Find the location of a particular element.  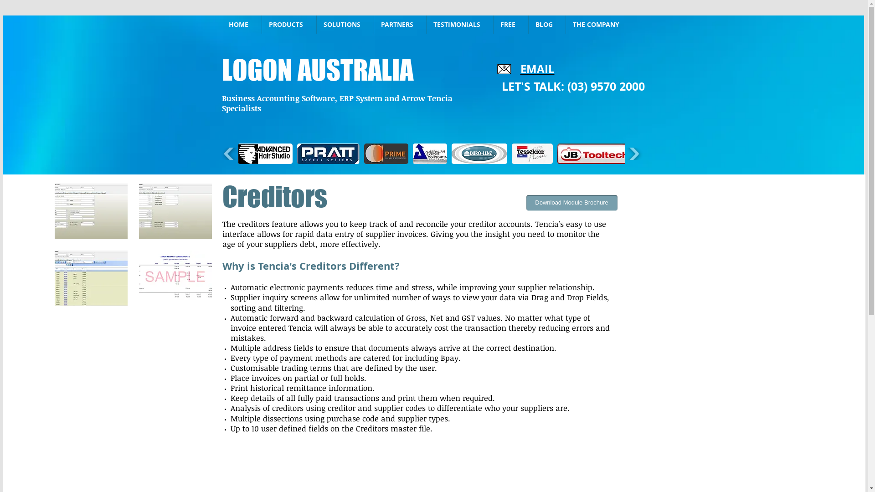

'PARTNERS' is located at coordinates (374, 24).